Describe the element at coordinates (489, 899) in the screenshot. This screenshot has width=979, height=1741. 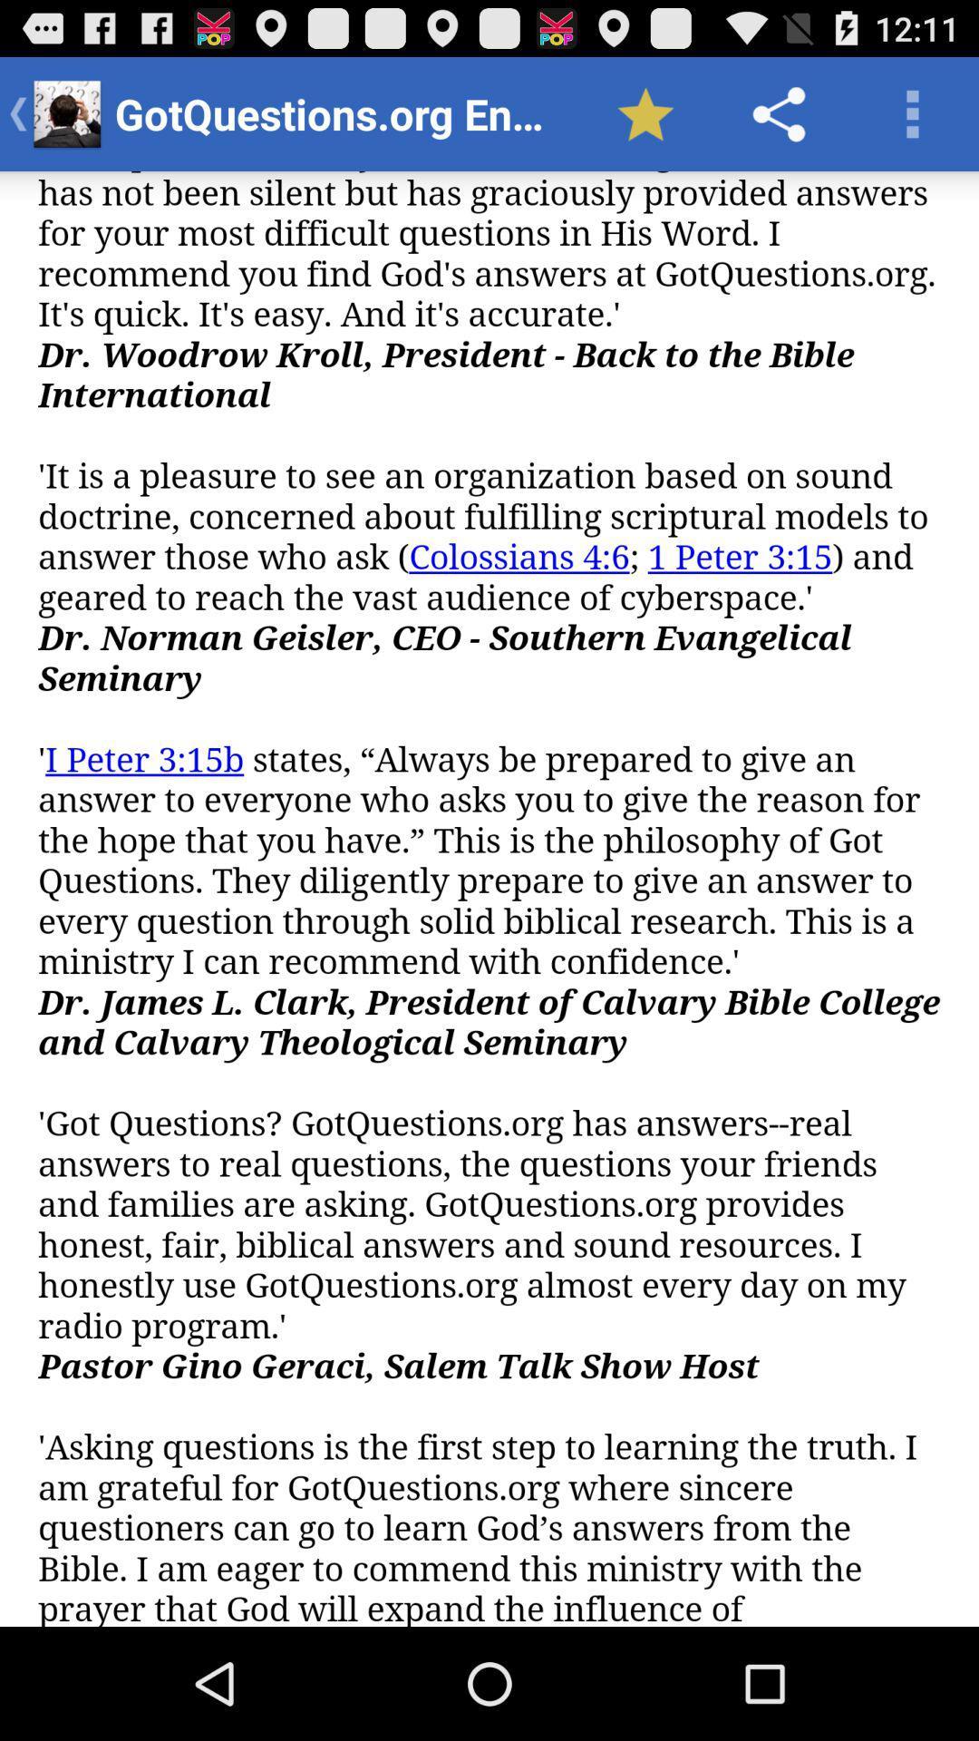
I see `read all` at that location.